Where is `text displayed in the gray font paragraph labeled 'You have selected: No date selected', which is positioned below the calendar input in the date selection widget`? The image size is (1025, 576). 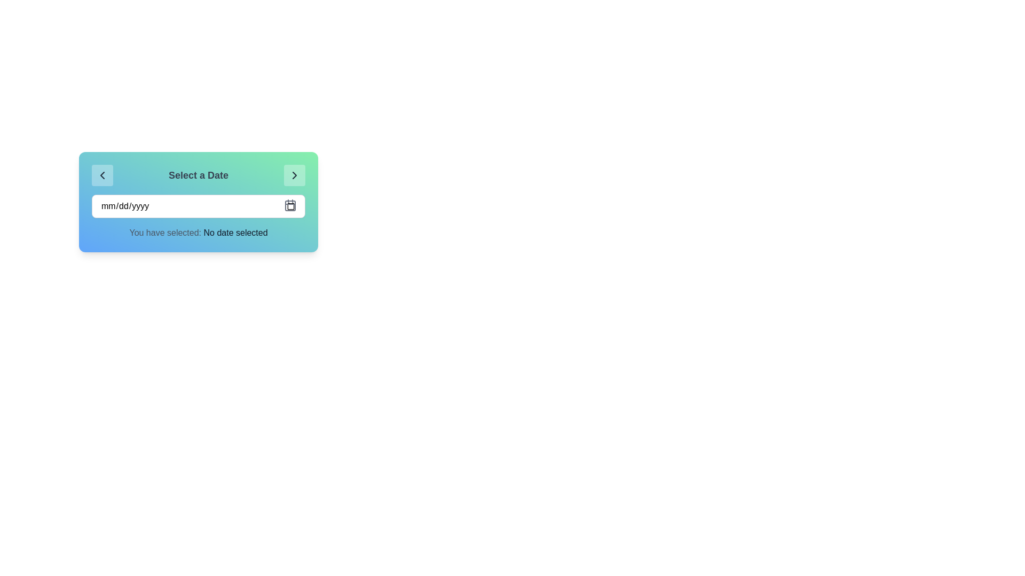
text displayed in the gray font paragraph labeled 'You have selected: No date selected', which is positioned below the calendar input in the date selection widget is located at coordinates (199, 232).